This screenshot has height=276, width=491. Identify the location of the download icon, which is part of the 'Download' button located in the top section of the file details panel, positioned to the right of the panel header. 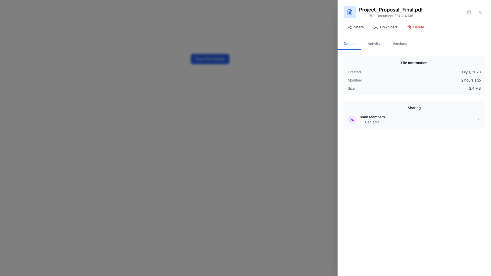
(376, 27).